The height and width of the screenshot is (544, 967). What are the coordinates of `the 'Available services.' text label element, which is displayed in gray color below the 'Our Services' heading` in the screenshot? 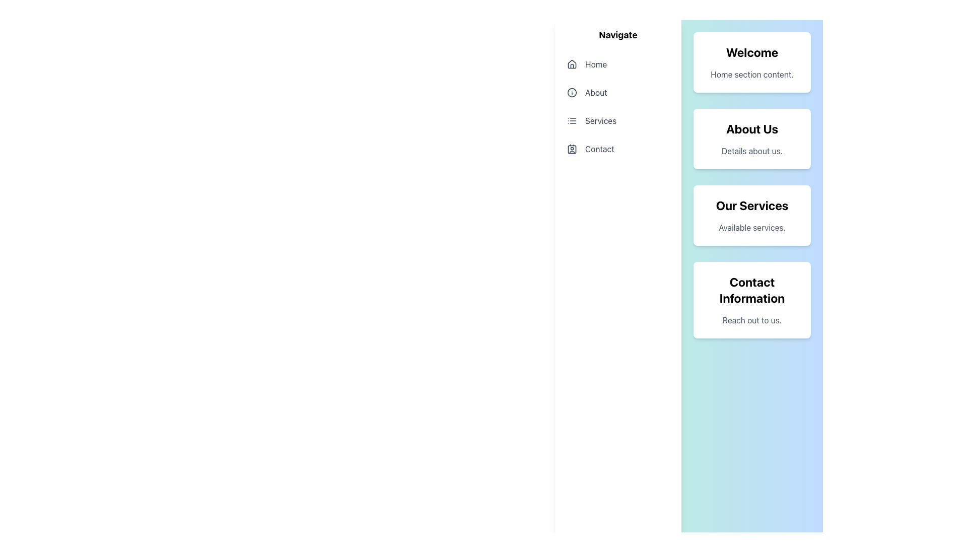 It's located at (751, 227).